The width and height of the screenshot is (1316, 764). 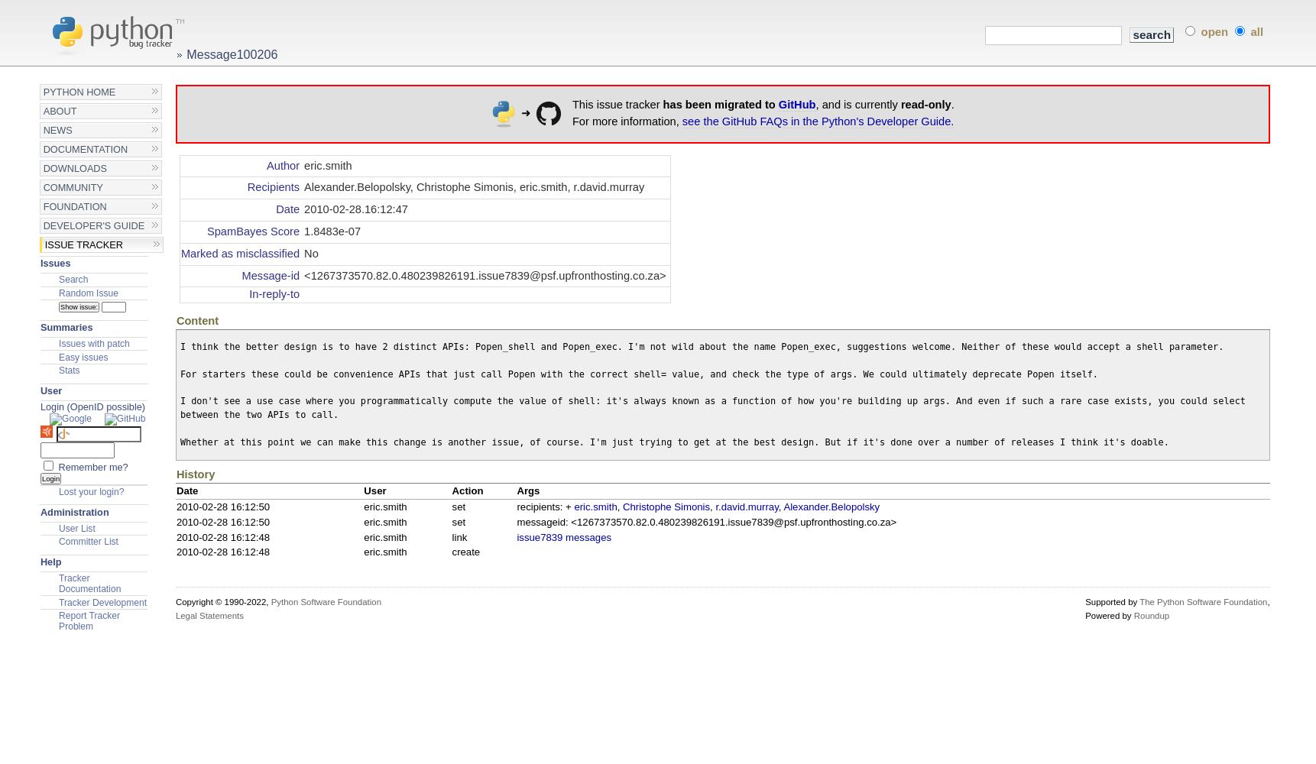 What do you see at coordinates (49, 561) in the screenshot?
I see `'Help'` at bounding box center [49, 561].